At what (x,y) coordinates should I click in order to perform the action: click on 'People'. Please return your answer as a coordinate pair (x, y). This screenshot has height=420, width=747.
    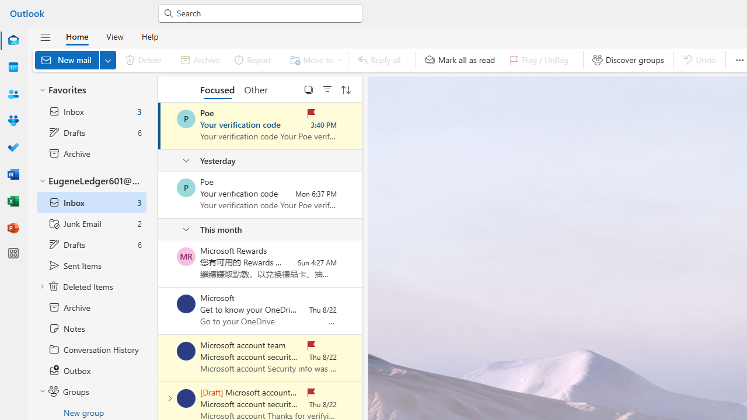
    Looking at the image, I should click on (13, 94).